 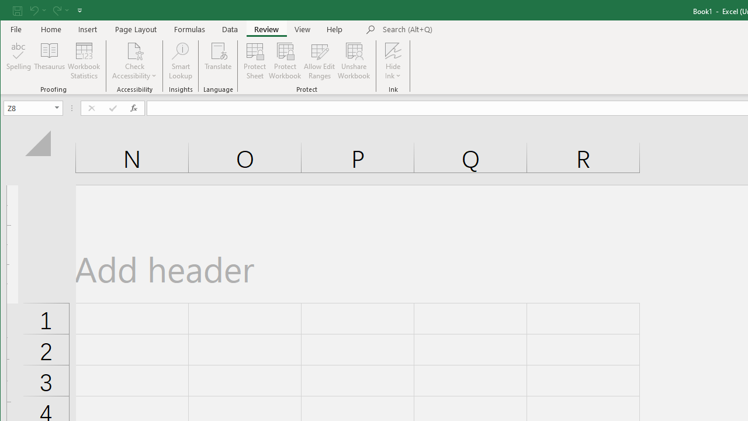 I want to click on 'Data', so click(x=230, y=29).